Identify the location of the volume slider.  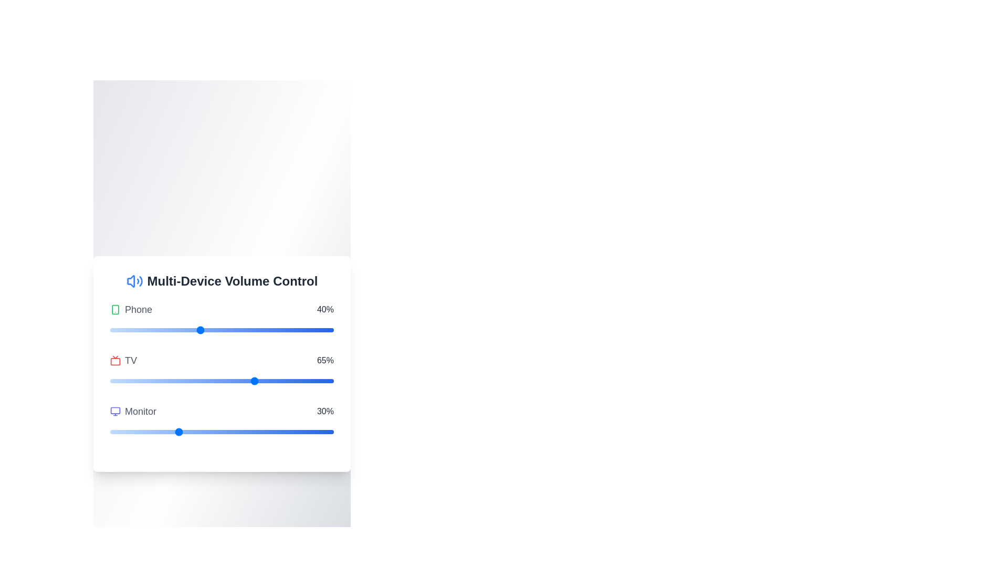
(271, 329).